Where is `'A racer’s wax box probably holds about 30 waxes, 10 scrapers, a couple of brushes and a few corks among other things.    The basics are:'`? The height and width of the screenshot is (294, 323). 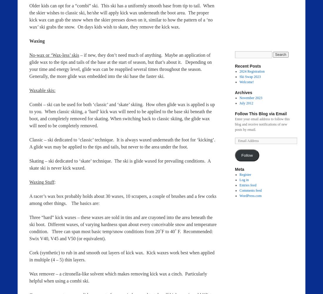 'A racer’s wax box probably holds about 30 waxes, 10 scrapers, a couple of brushes and a few corks among other things.    The basics are:' is located at coordinates (122, 200).